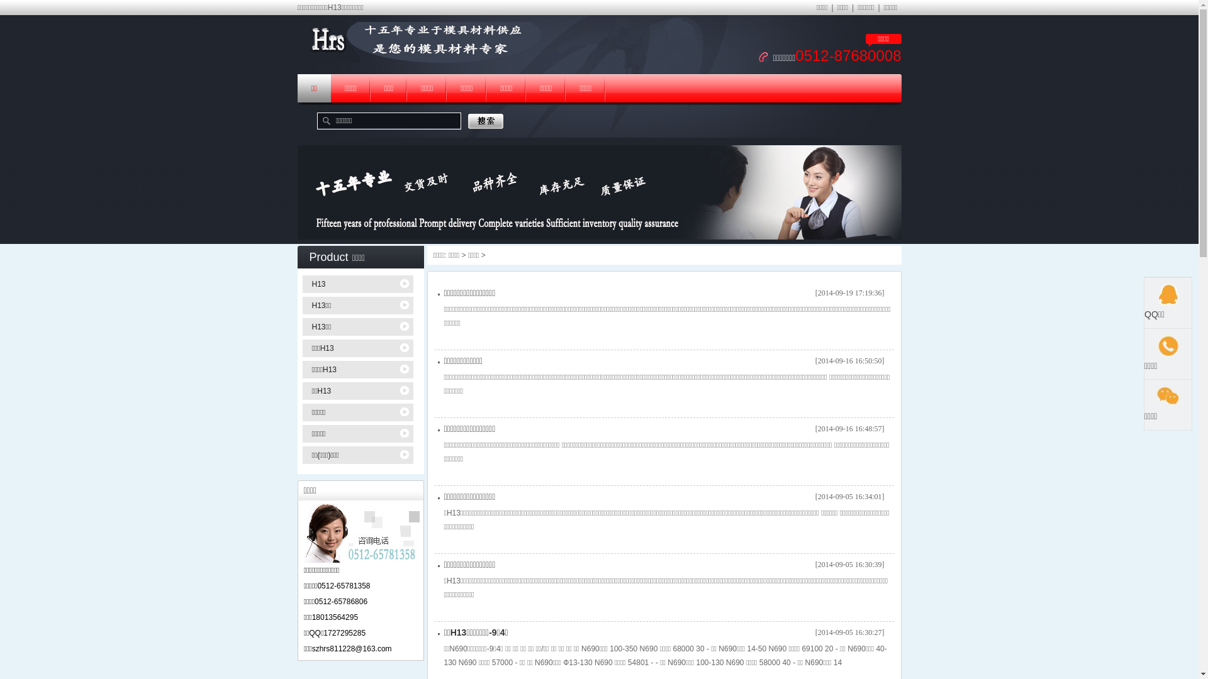 This screenshot has height=679, width=1208. I want to click on 'H13', so click(359, 284).